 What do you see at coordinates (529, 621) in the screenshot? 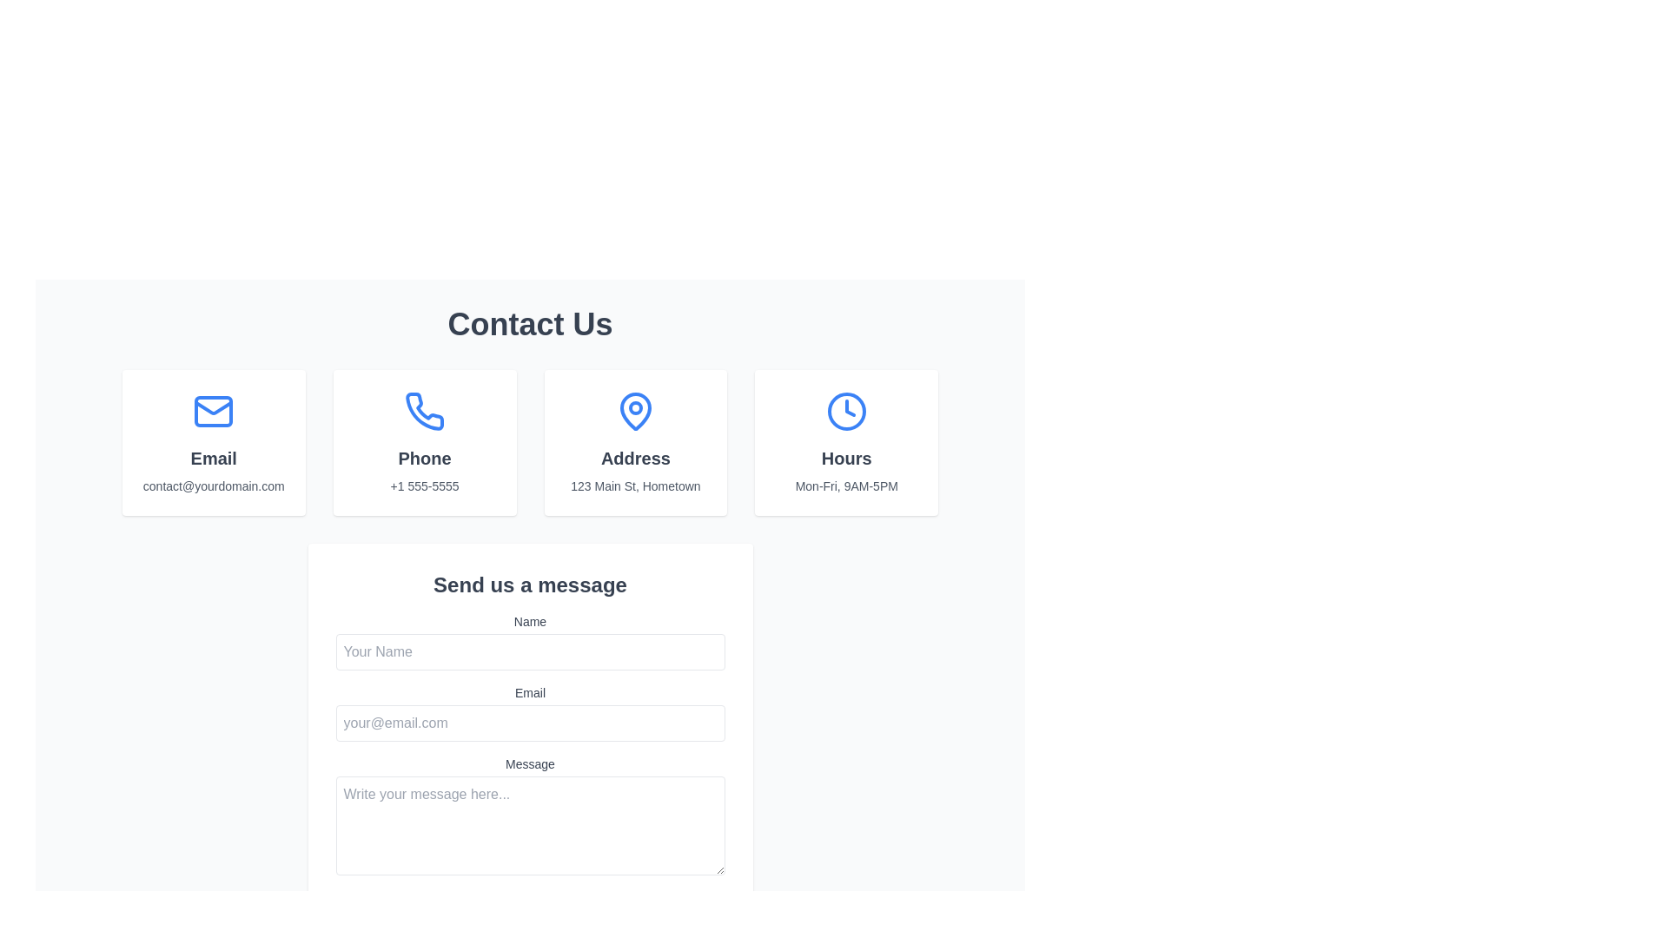
I see `the label indicating the purpose of the adjacent text input field for entering a name, located above the input field in the 'Send us a message' form` at bounding box center [529, 621].